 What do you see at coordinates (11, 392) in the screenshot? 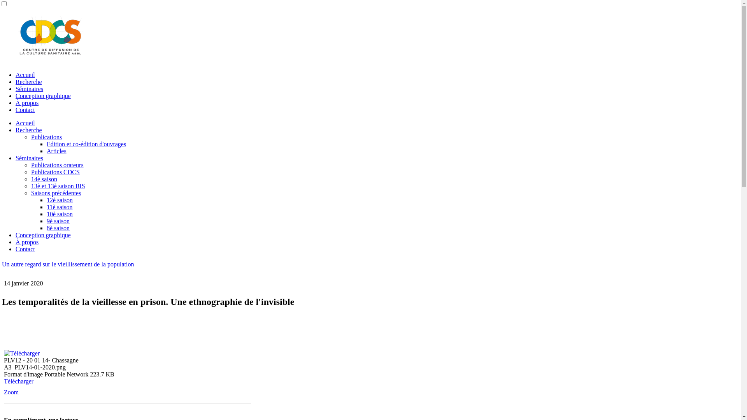
I see `'Zoom'` at bounding box center [11, 392].